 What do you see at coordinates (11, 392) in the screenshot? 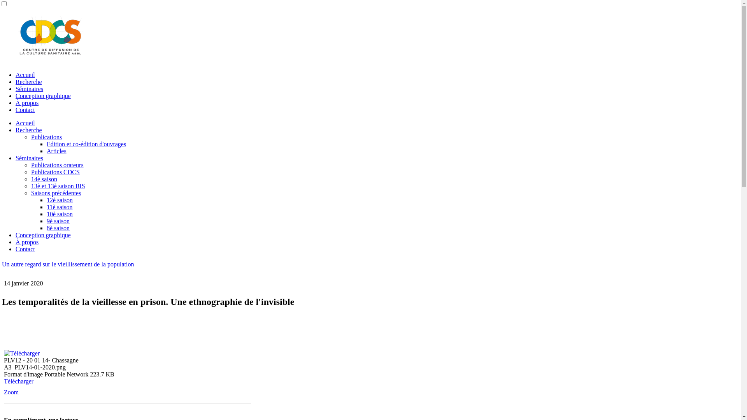
I see `'Zoom'` at bounding box center [11, 392].